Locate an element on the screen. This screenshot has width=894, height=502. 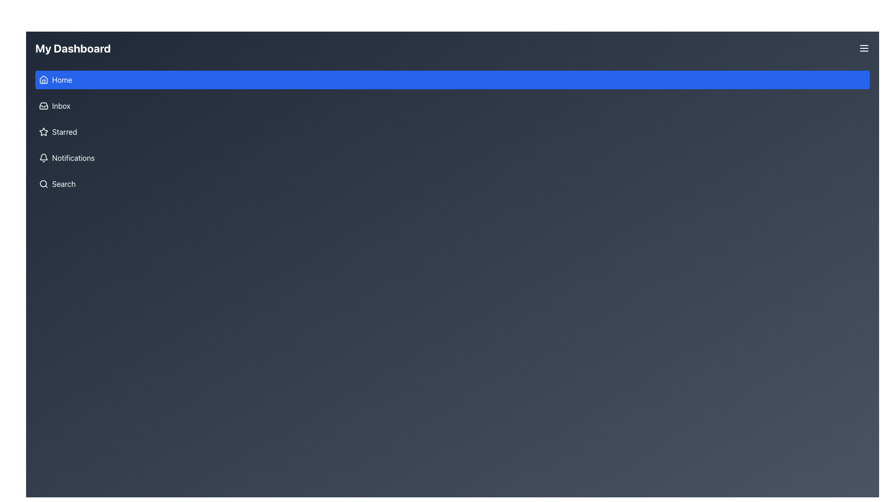
the bell icon representing notifications located in the sidebar navigation menu is located at coordinates (43, 156).